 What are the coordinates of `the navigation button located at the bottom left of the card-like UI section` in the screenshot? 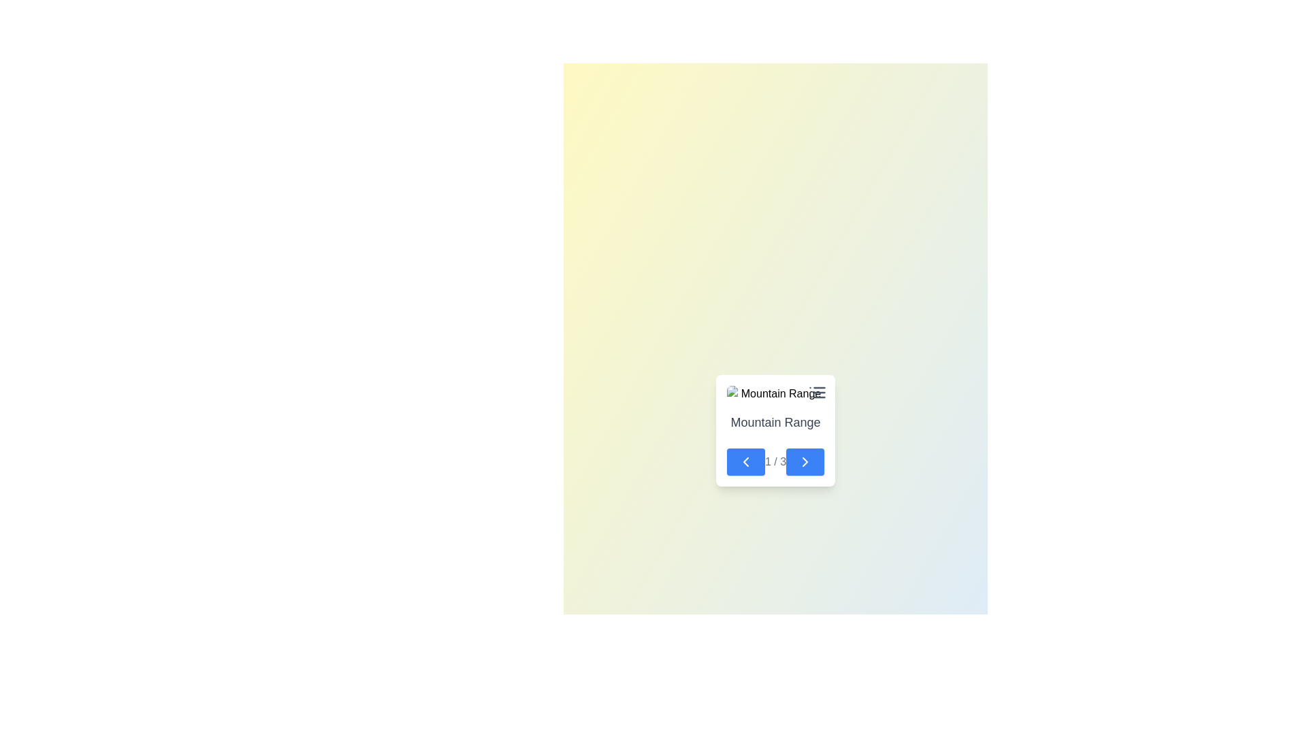 It's located at (745, 461).